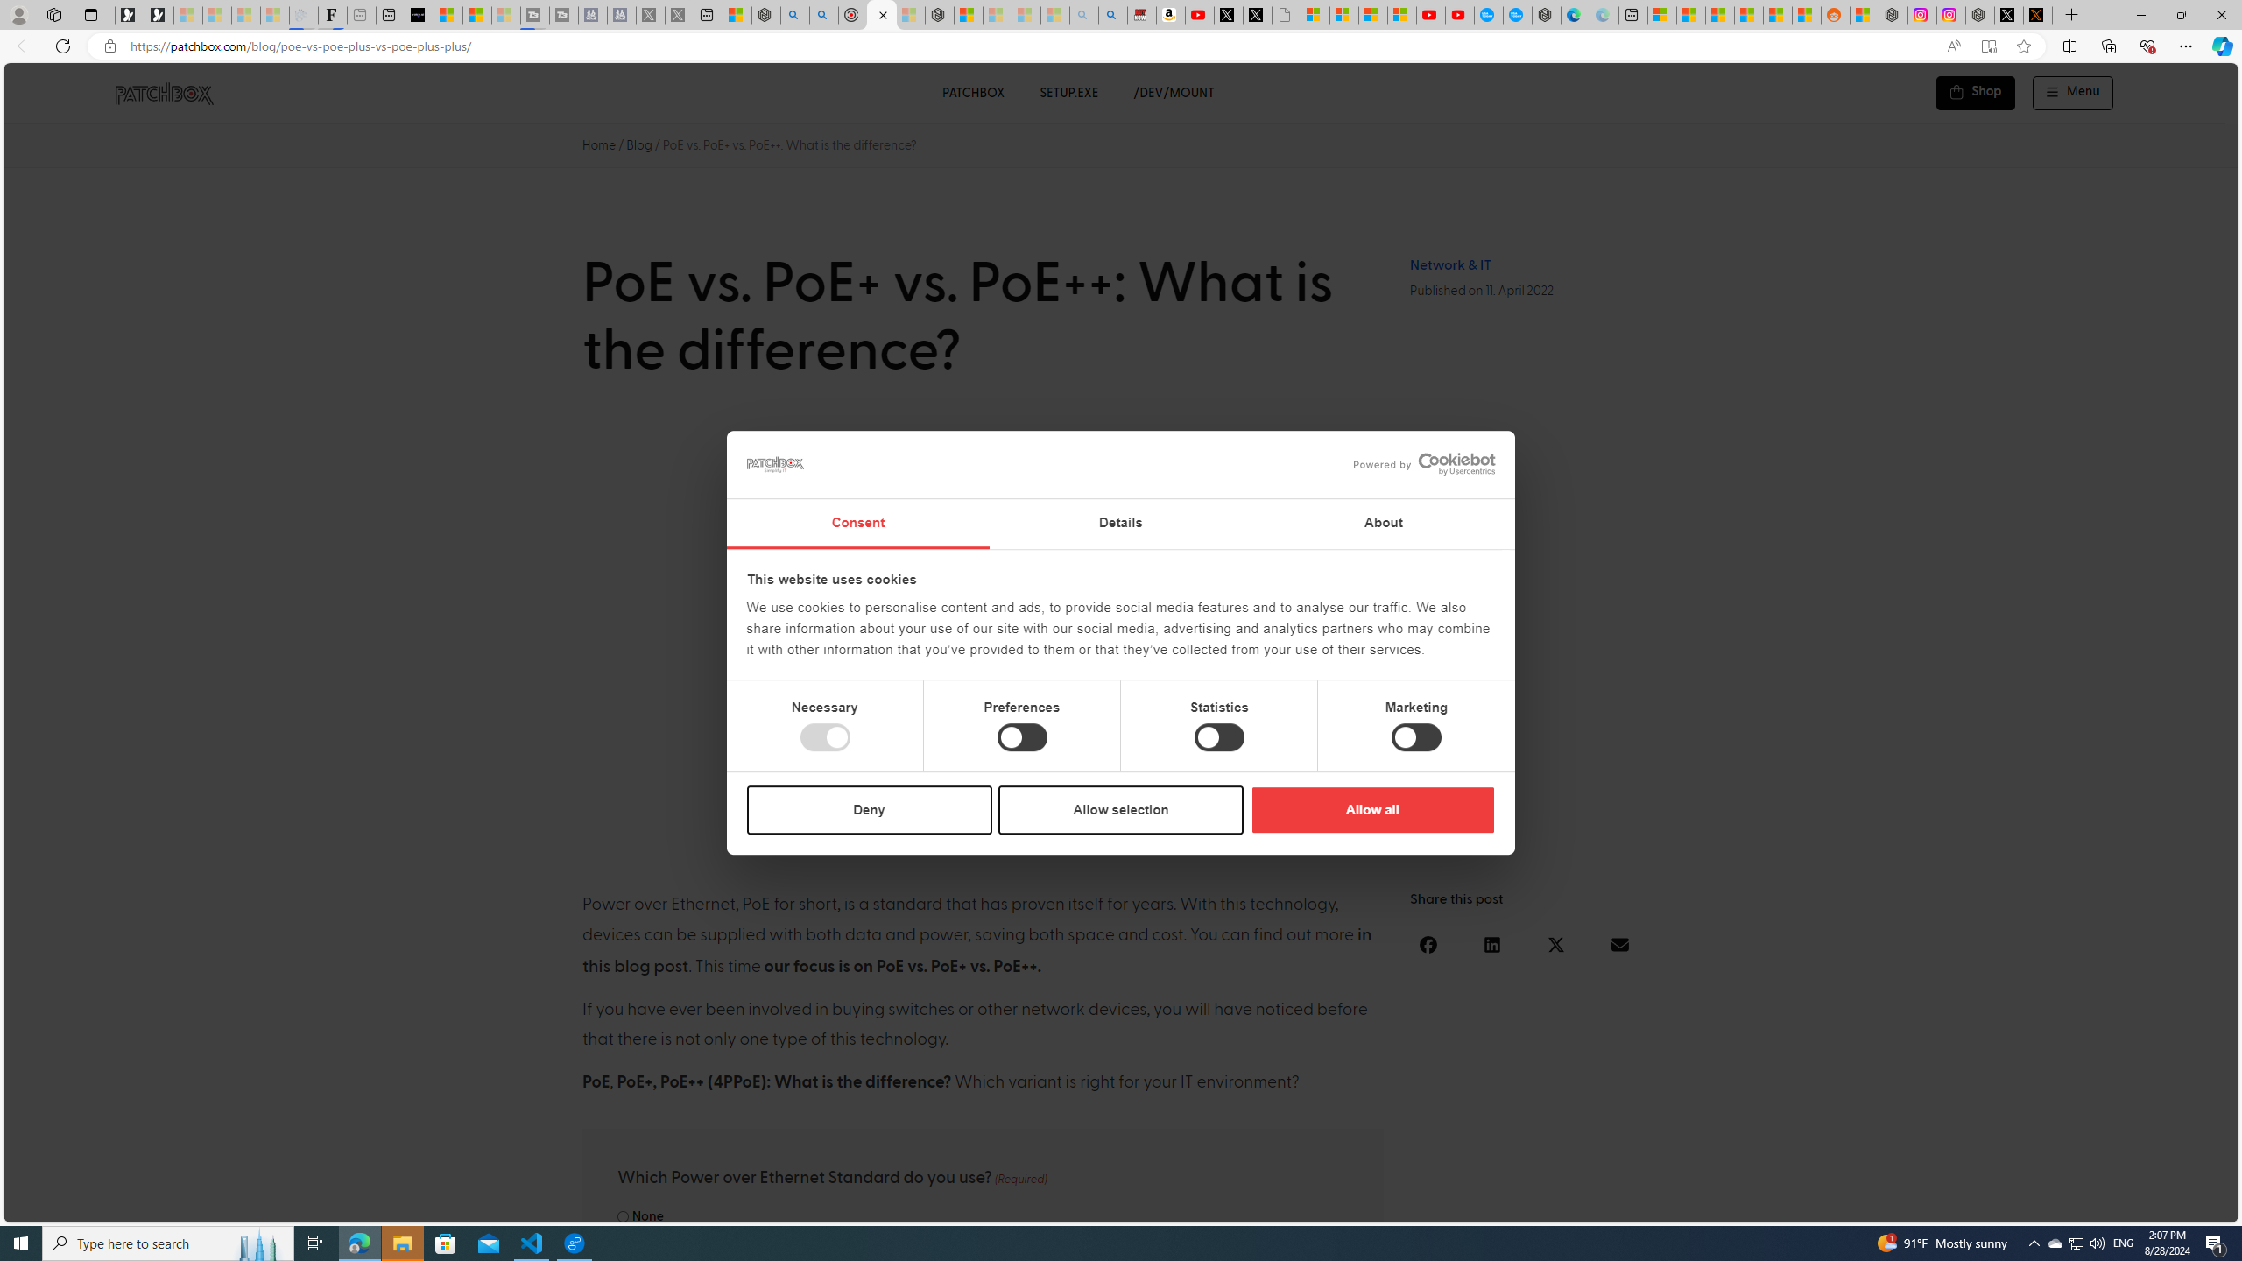  What do you see at coordinates (2106, 1205) in the screenshot?
I see `'Language switcher : Romanian'` at bounding box center [2106, 1205].